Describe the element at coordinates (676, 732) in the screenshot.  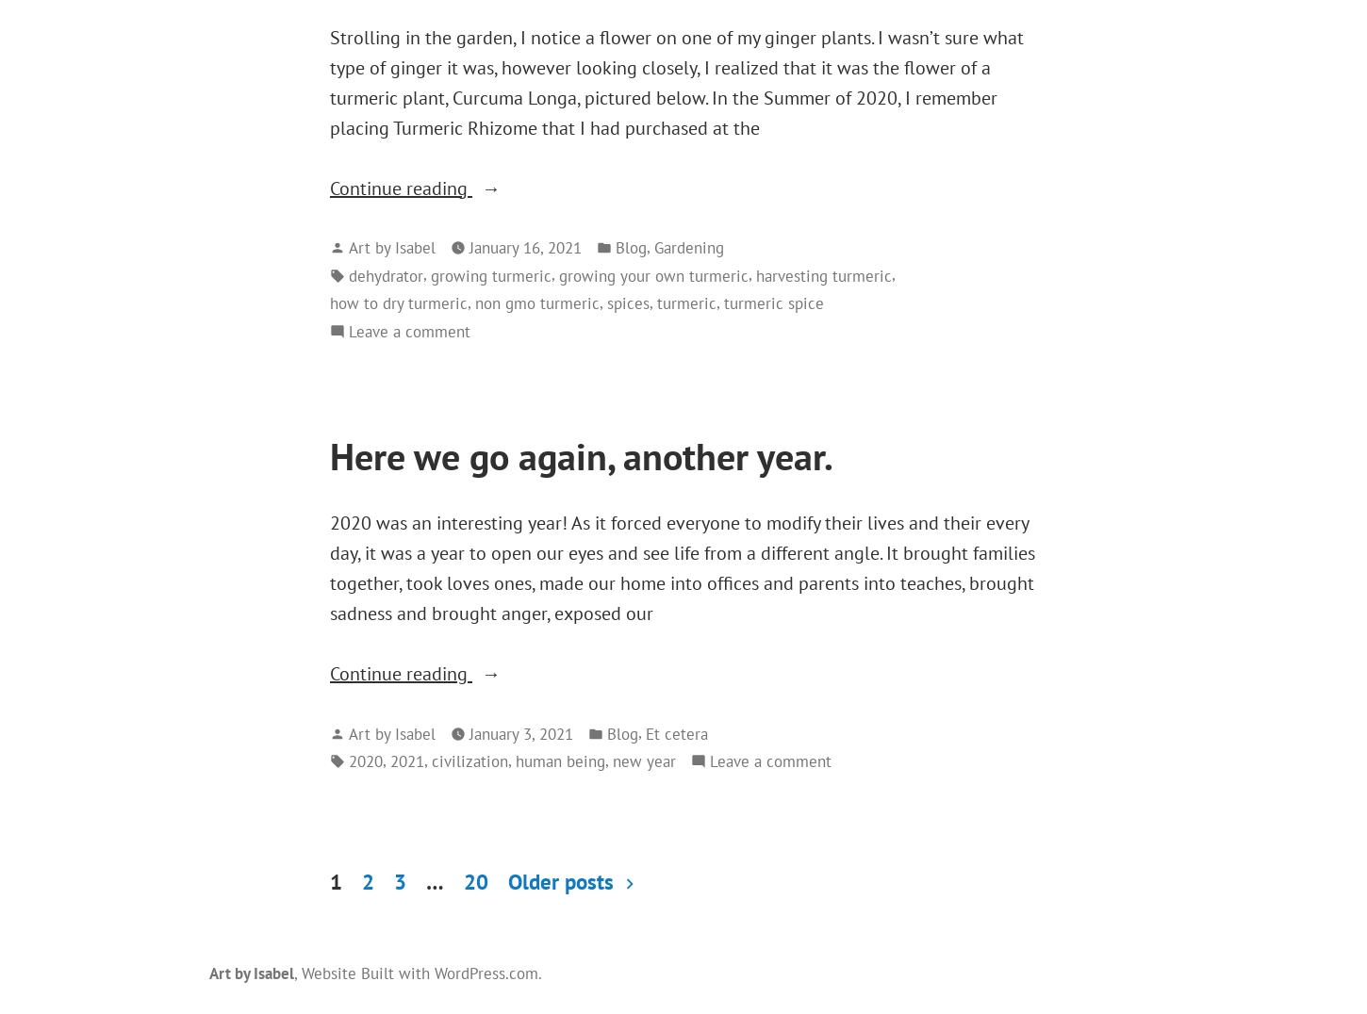
I see `'Et cetera'` at that location.